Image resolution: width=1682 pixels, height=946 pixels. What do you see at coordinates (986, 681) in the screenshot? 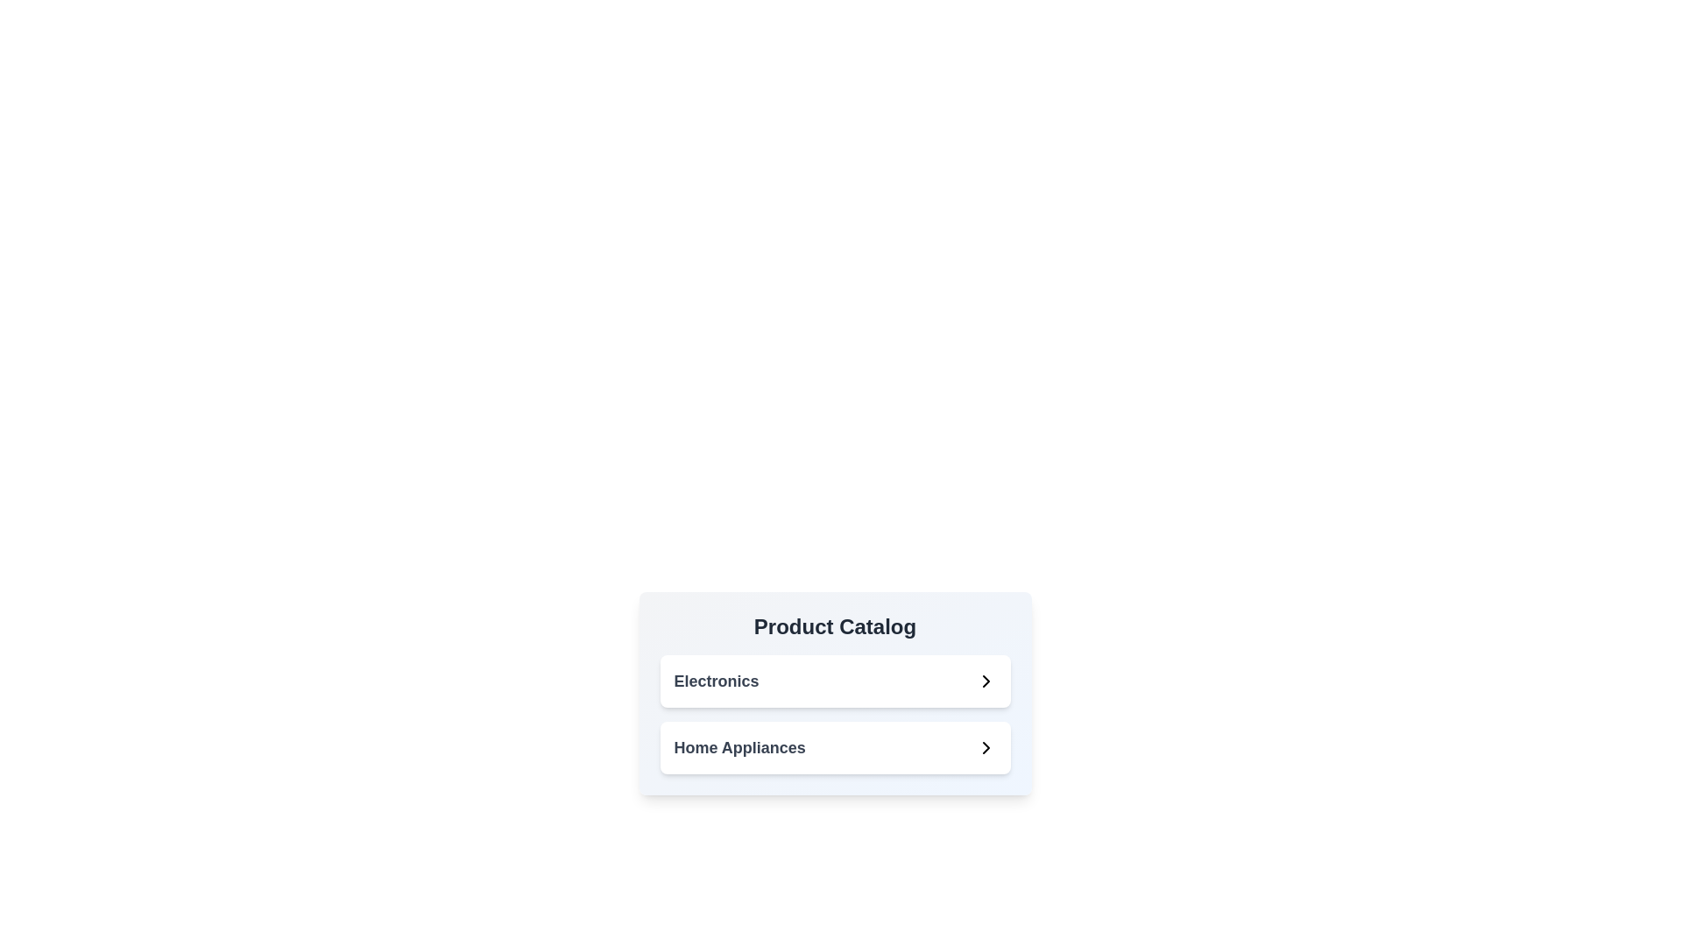
I see `the right-facing chevron icon next to the 'Electronics' list item` at bounding box center [986, 681].